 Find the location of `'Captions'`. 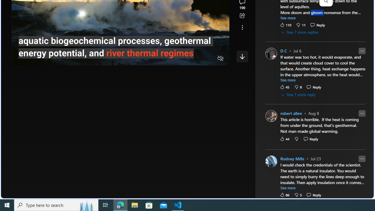

'Captions' is located at coordinates (198, 59).